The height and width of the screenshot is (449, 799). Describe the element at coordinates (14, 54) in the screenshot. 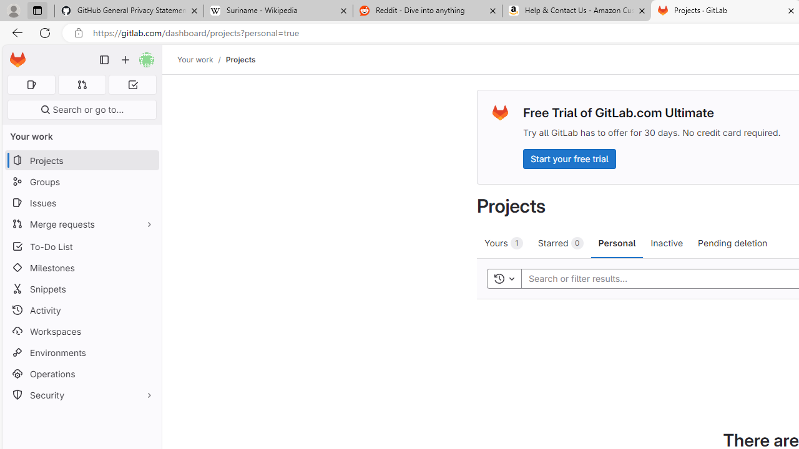

I see `'Skip to main content'` at that location.